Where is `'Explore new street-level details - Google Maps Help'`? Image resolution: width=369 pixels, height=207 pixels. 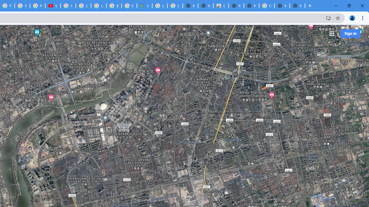 'Explore new street-level details - Google Maps Help' is located at coordinates (129, 6).